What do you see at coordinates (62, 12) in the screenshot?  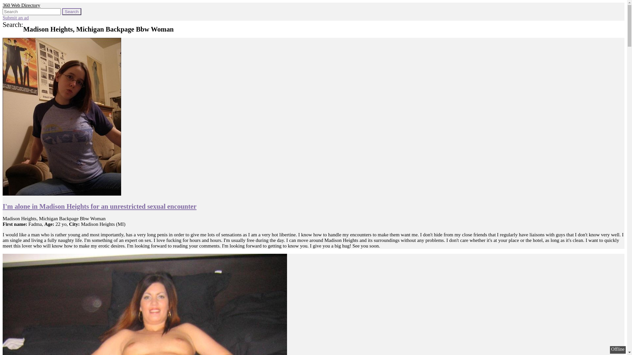 I see `'Search'` at bounding box center [62, 12].